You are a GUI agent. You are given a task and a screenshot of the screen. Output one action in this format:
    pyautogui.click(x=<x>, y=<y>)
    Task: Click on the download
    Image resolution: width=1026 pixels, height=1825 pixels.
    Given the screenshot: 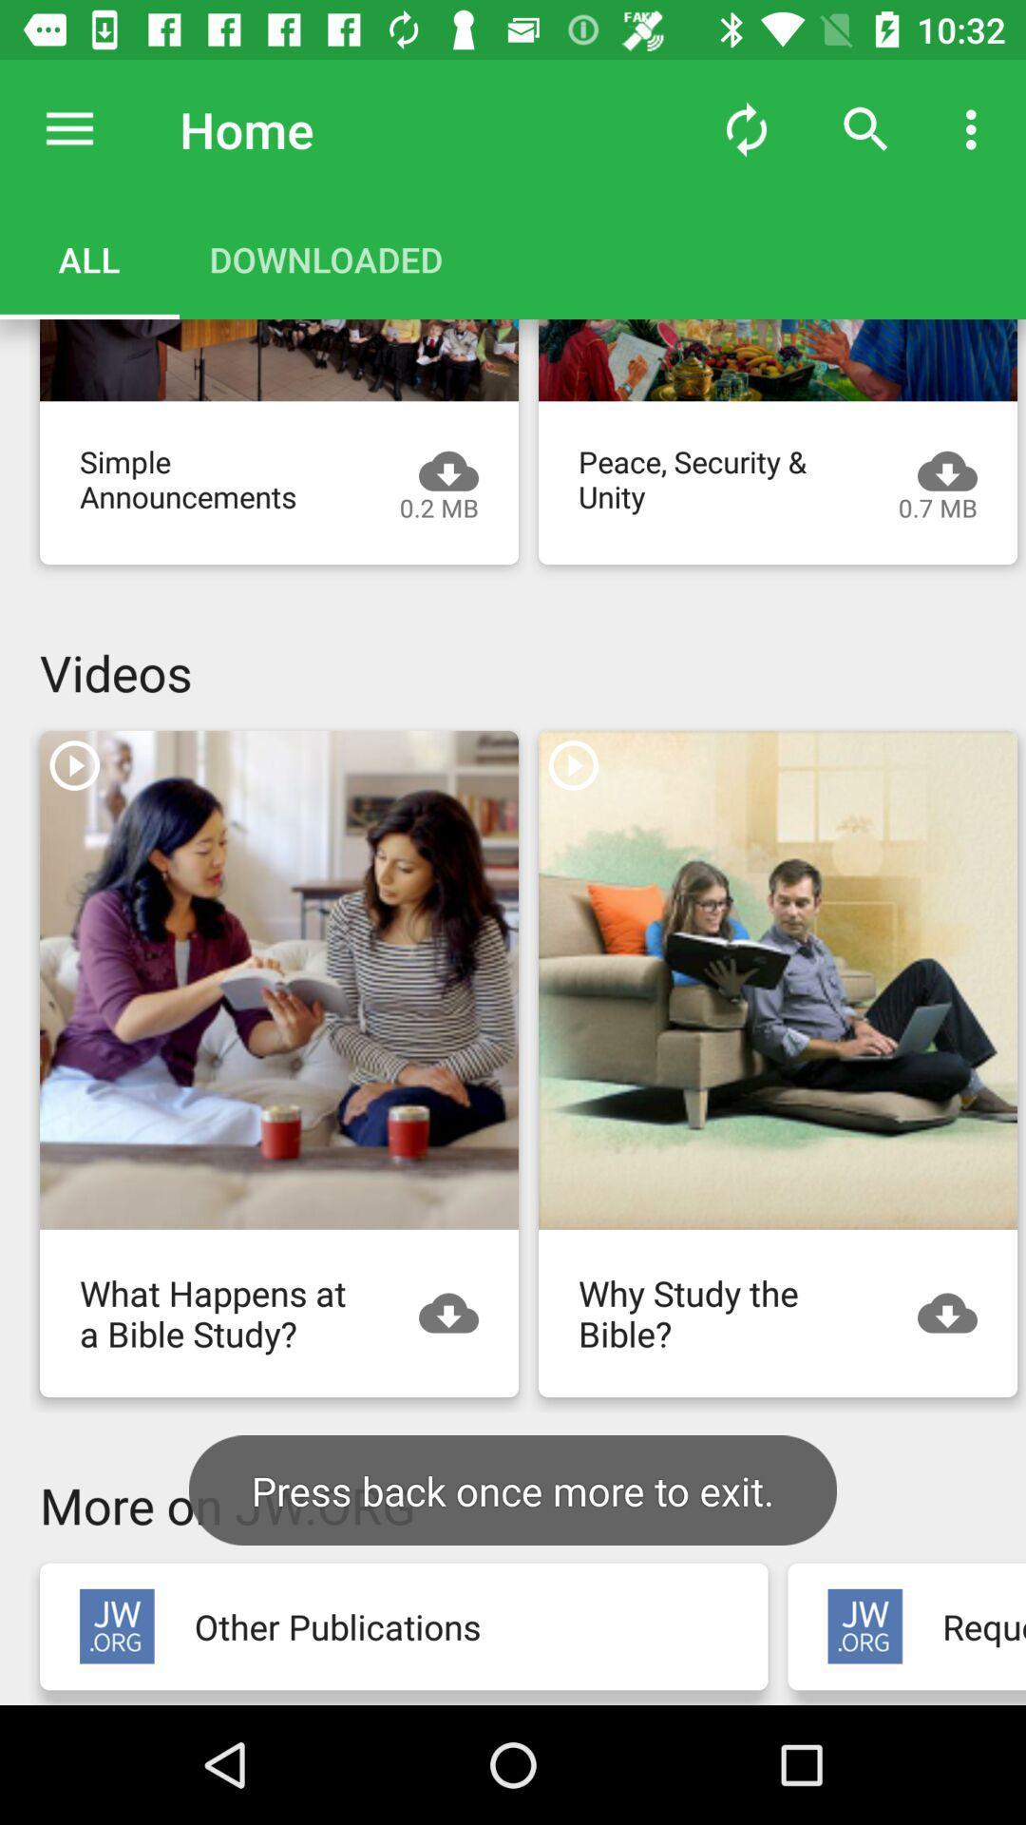 What is the action you would take?
    pyautogui.click(x=458, y=1312)
    